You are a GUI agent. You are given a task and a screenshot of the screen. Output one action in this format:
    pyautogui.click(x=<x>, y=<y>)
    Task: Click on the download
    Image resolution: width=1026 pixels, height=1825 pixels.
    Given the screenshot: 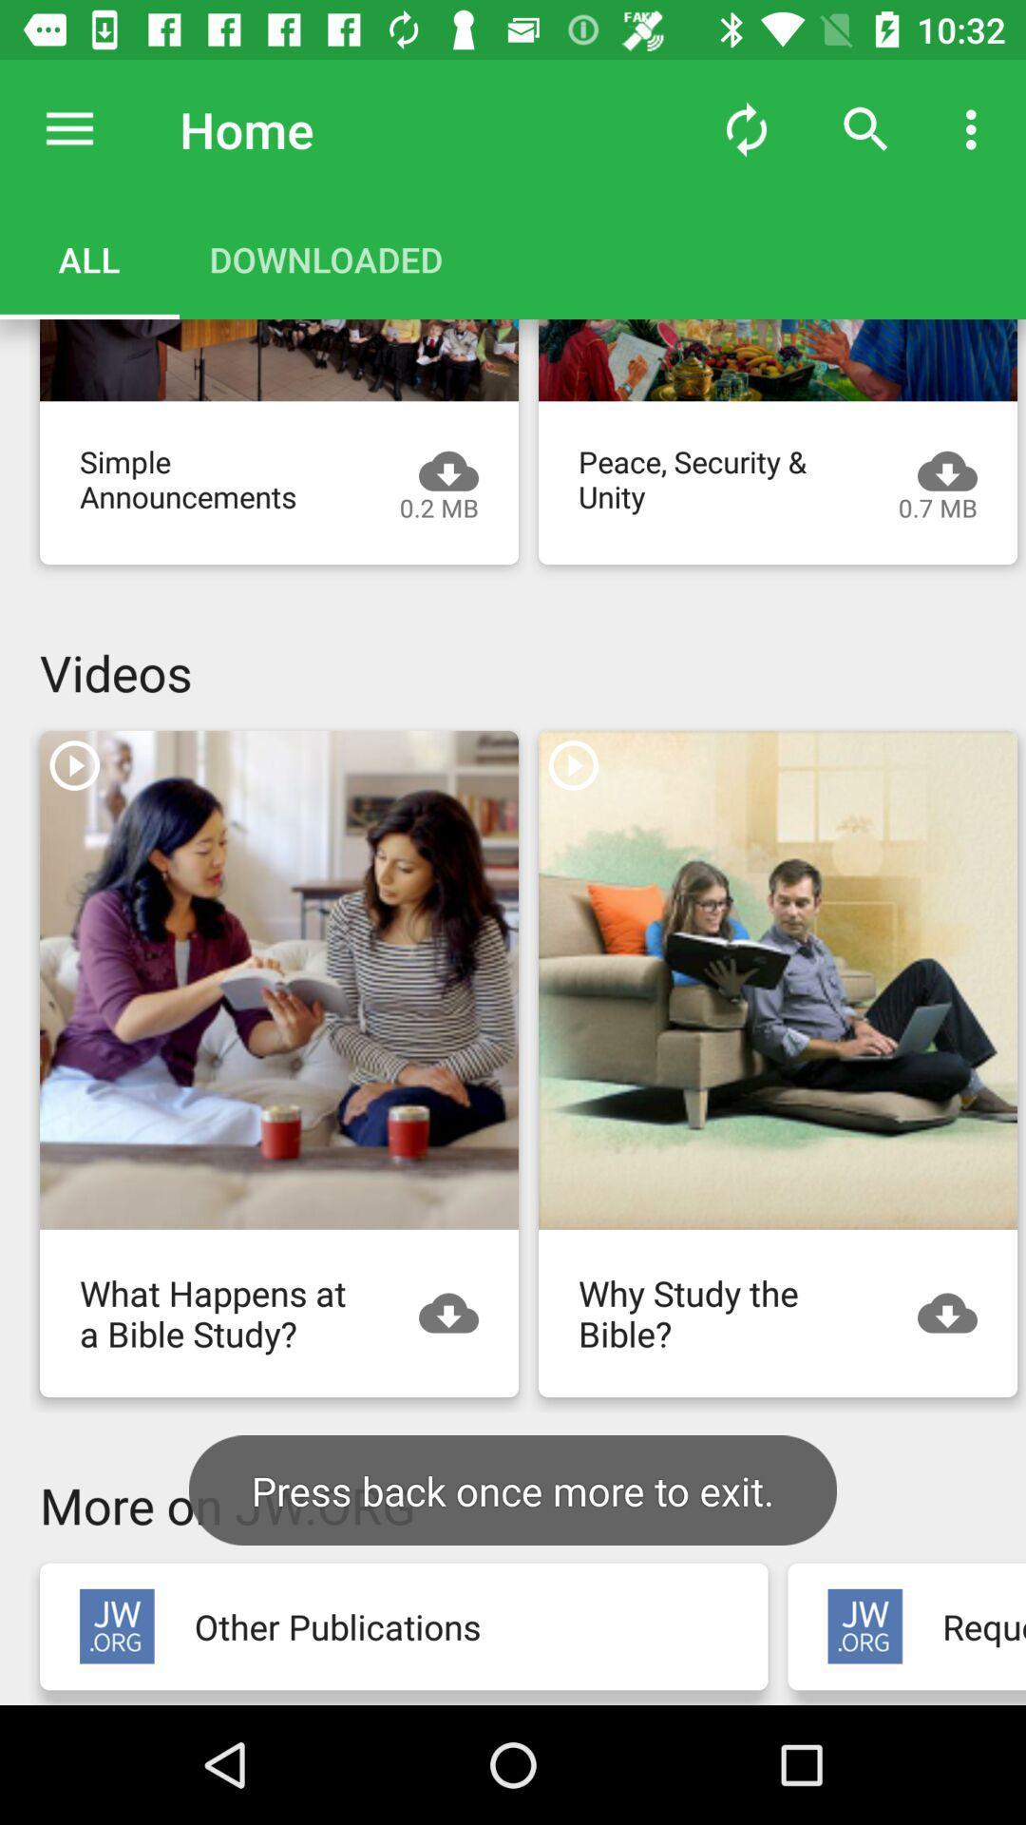 What is the action you would take?
    pyautogui.click(x=458, y=1312)
    